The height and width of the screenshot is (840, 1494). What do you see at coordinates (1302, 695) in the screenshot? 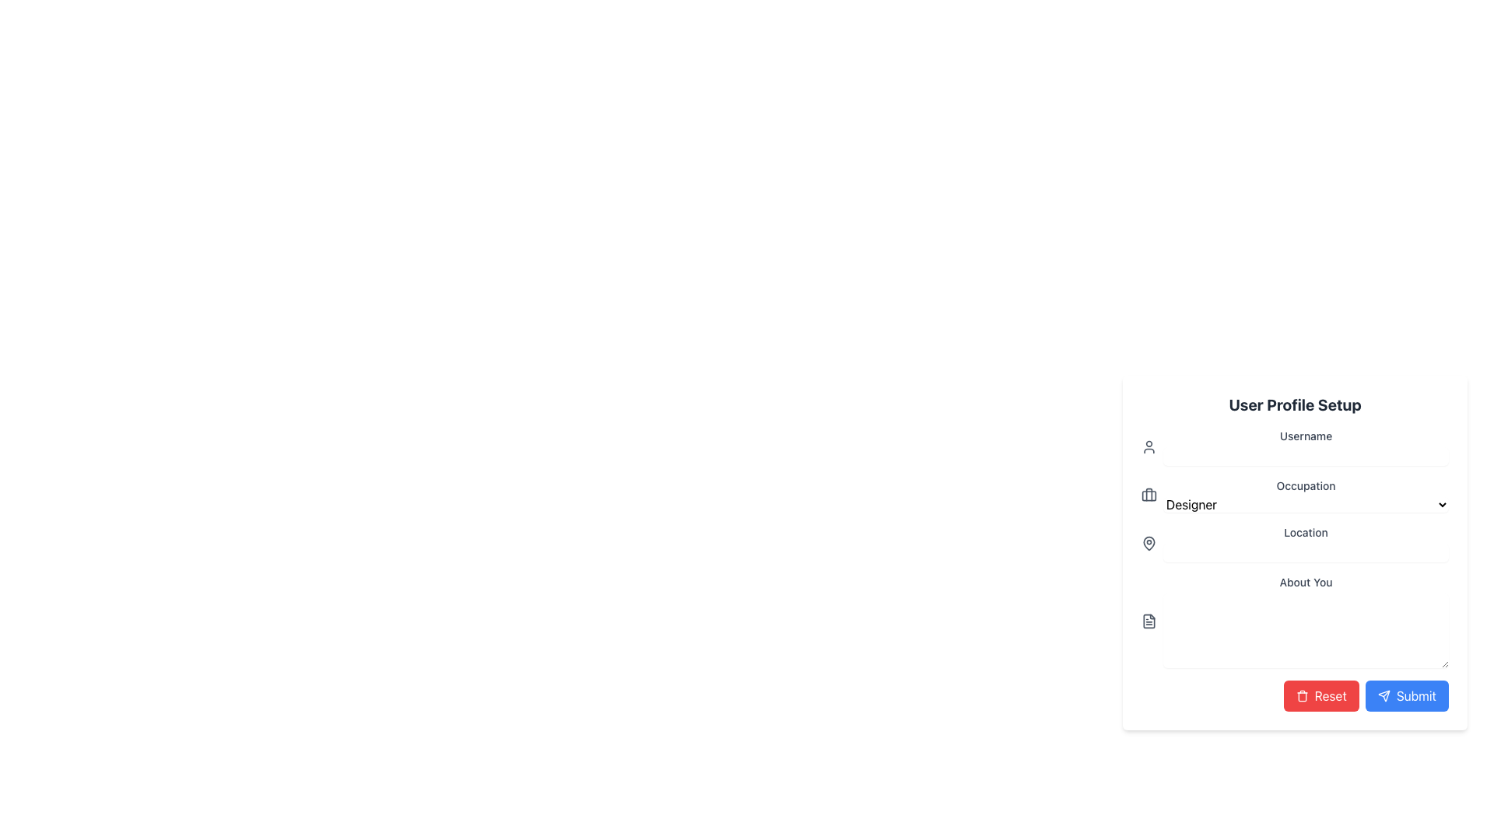
I see `the reset icon located on the left side of the 'Reset' button at the bottom-left of the form` at bounding box center [1302, 695].